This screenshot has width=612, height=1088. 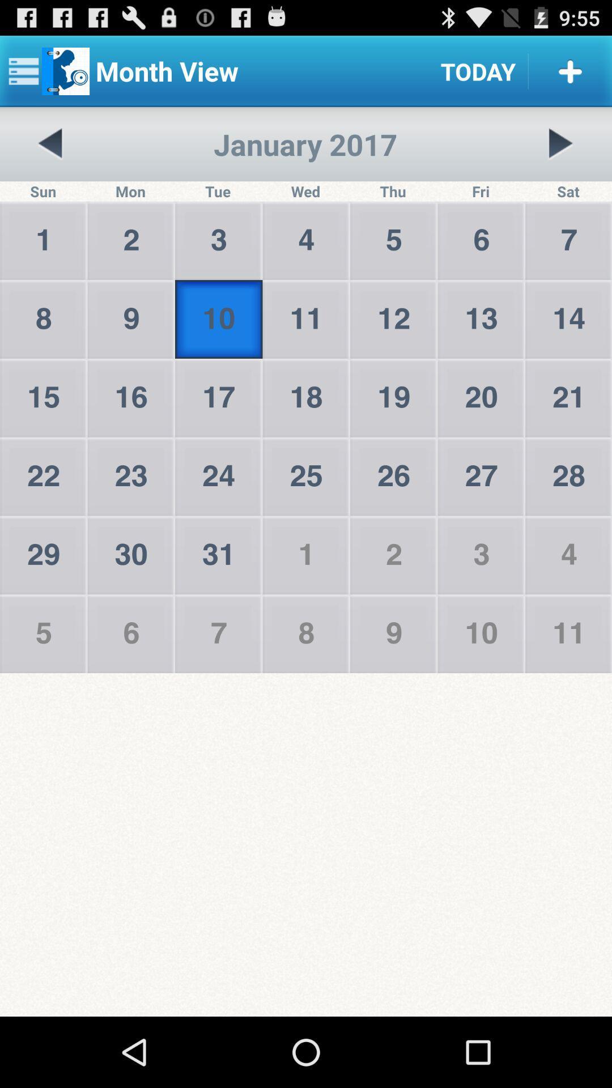 What do you see at coordinates (560, 143) in the screenshot?
I see `next month` at bounding box center [560, 143].